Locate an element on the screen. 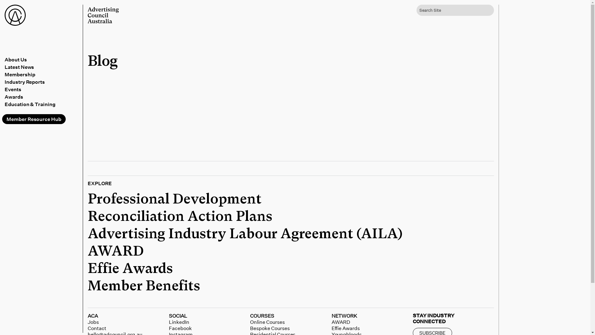 The width and height of the screenshot is (595, 335). 'Member Benefits' is located at coordinates (143, 286).